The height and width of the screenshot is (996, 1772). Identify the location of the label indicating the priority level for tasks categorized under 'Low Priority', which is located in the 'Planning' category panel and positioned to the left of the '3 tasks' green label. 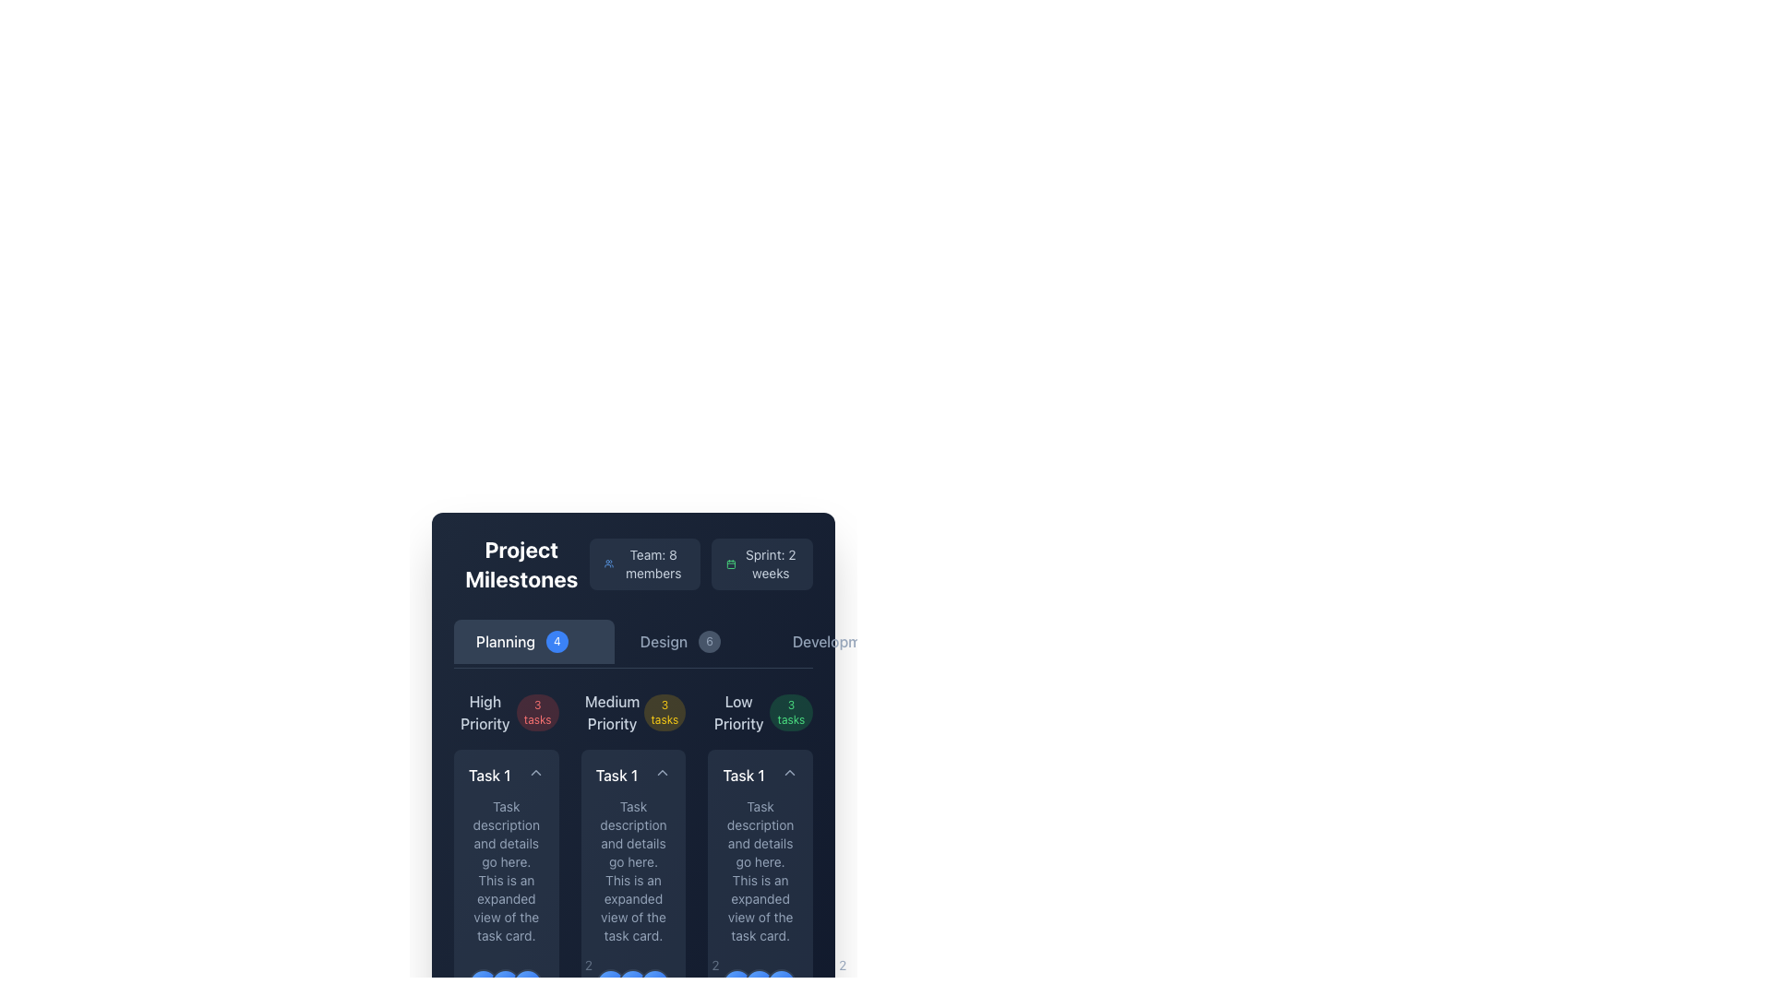
(738, 711).